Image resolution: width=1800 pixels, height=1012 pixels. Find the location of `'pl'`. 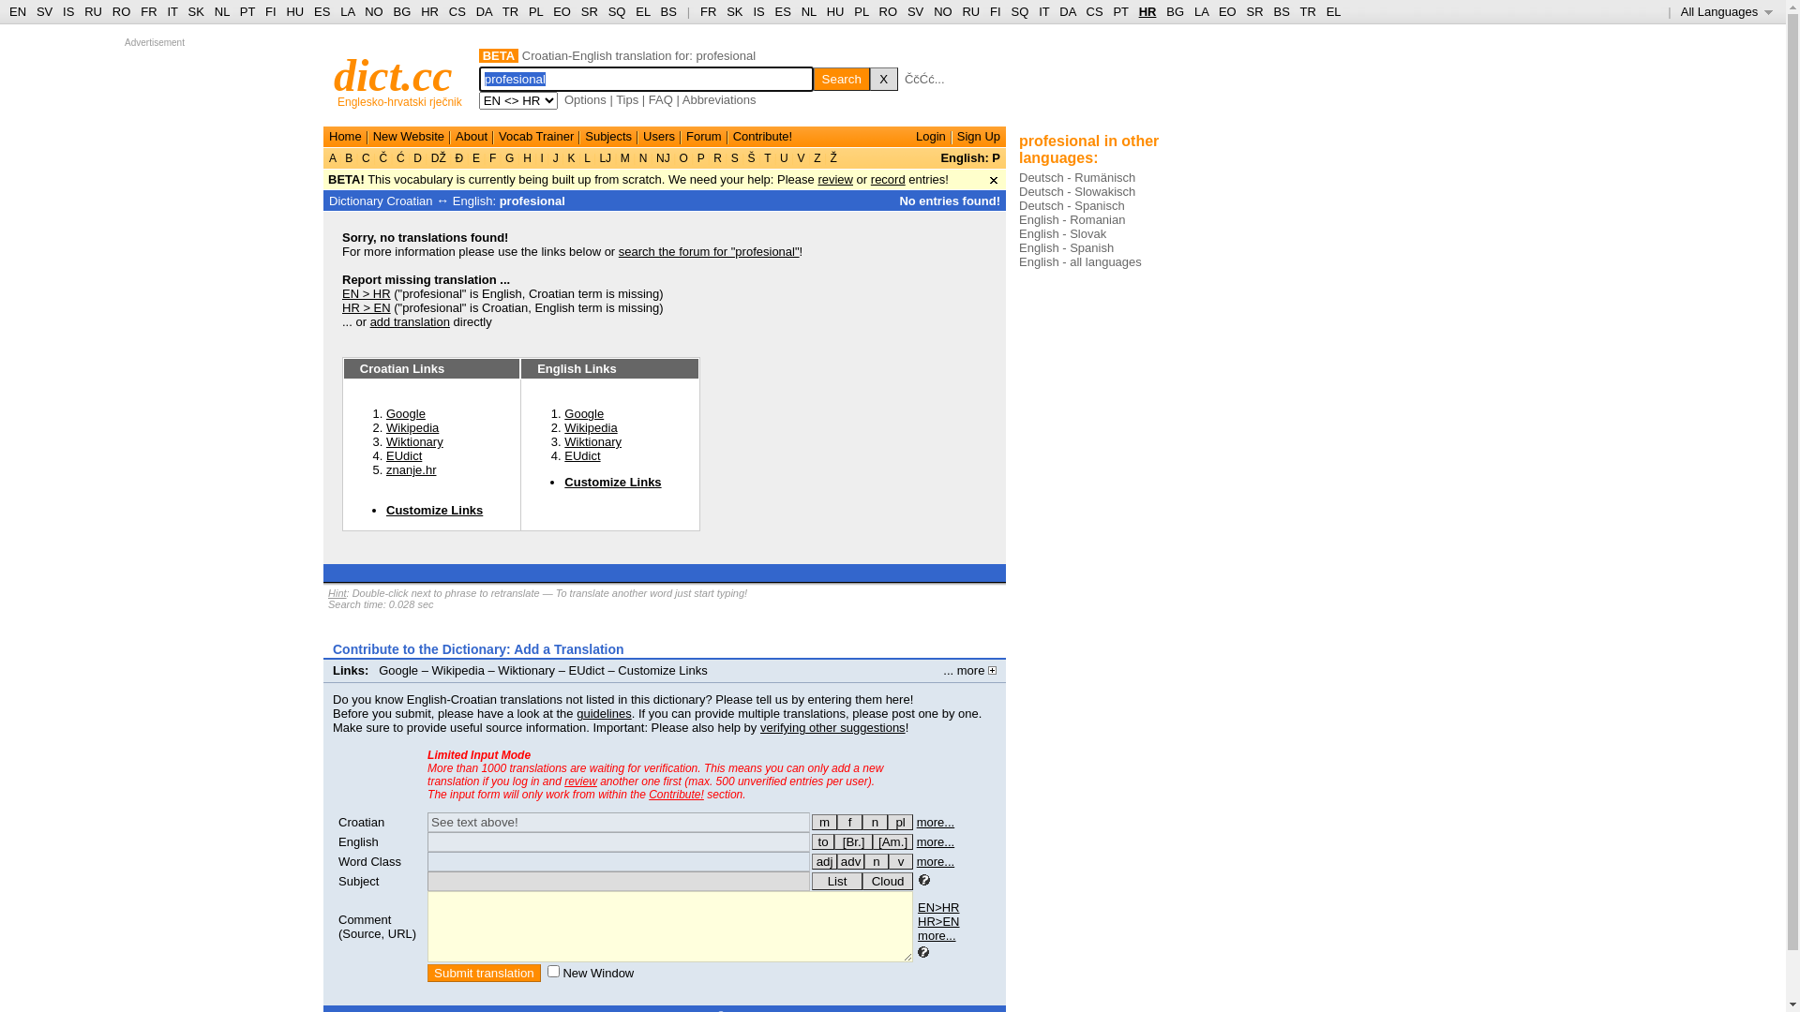

'pl' is located at coordinates (900, 821).